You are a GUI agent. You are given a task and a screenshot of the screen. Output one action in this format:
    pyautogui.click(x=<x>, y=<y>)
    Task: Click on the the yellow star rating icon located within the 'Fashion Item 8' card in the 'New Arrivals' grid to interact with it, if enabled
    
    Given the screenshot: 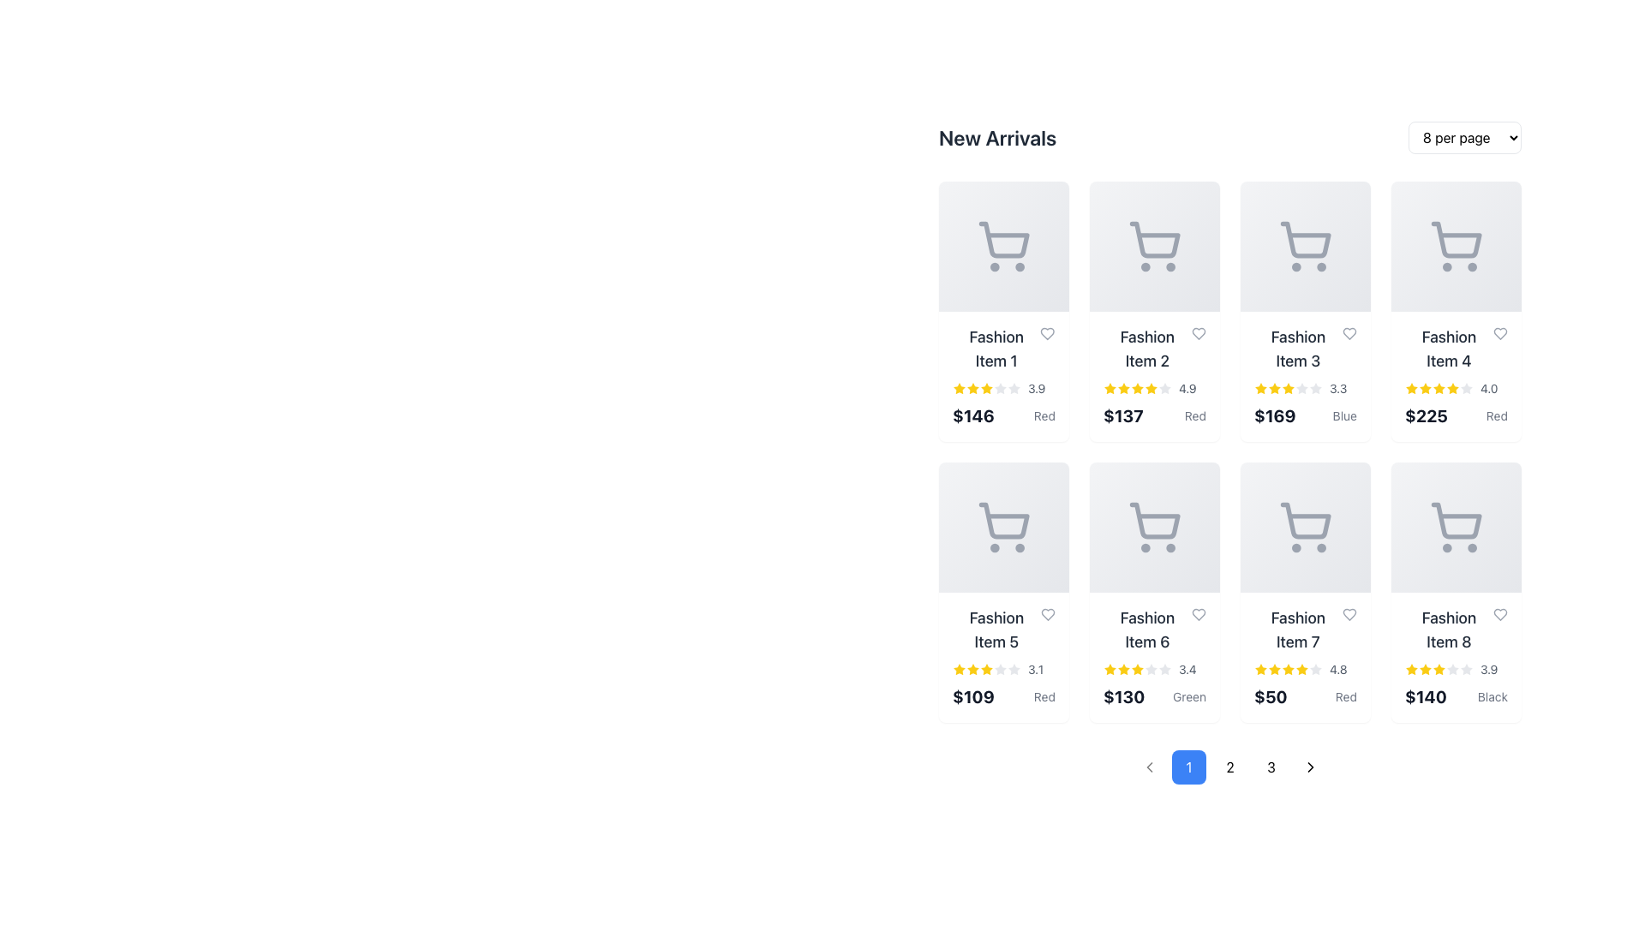 What is the action you would take?
    pyautogui.click(x=1411, y=668)
    